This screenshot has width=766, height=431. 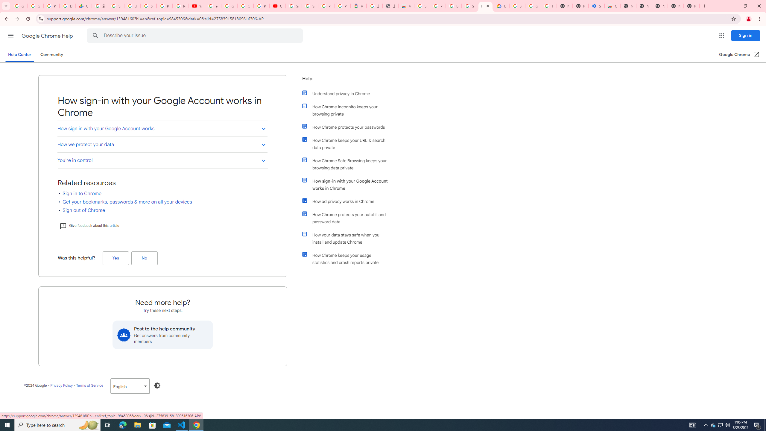 I want to click on 'Awesome Screen Recorder & Screenshot - Chrome Web Store', so click(x=406, y=6).